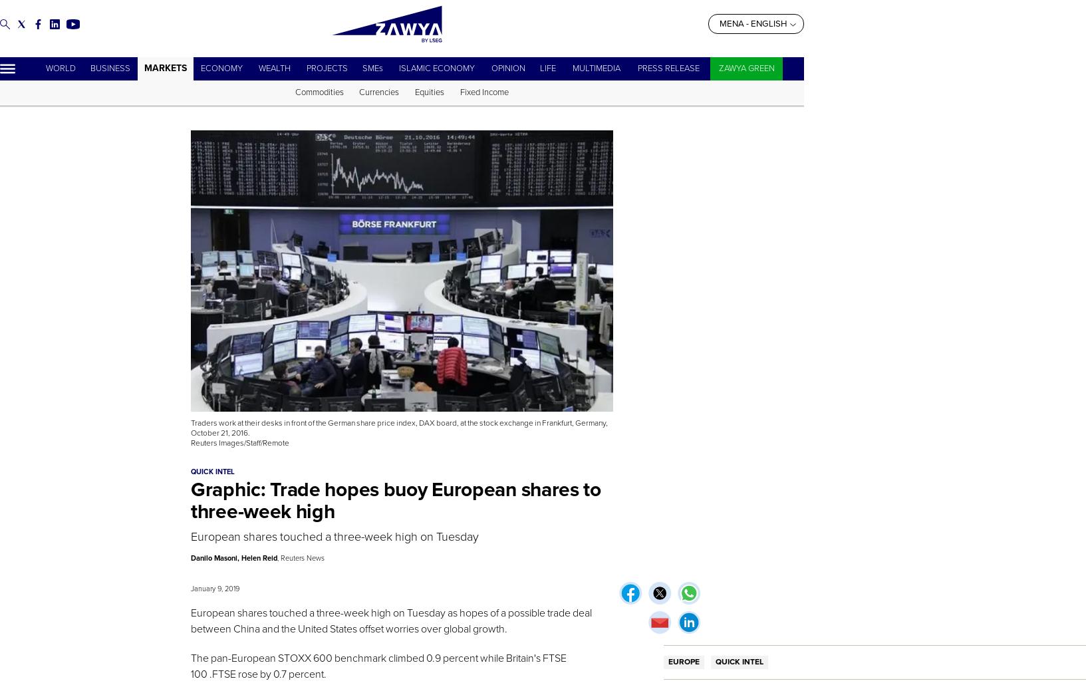  Describe the element at coordinates (240, 443) in the screenshot. I see `'Reuters Images/Staff/Remote'` at that location.